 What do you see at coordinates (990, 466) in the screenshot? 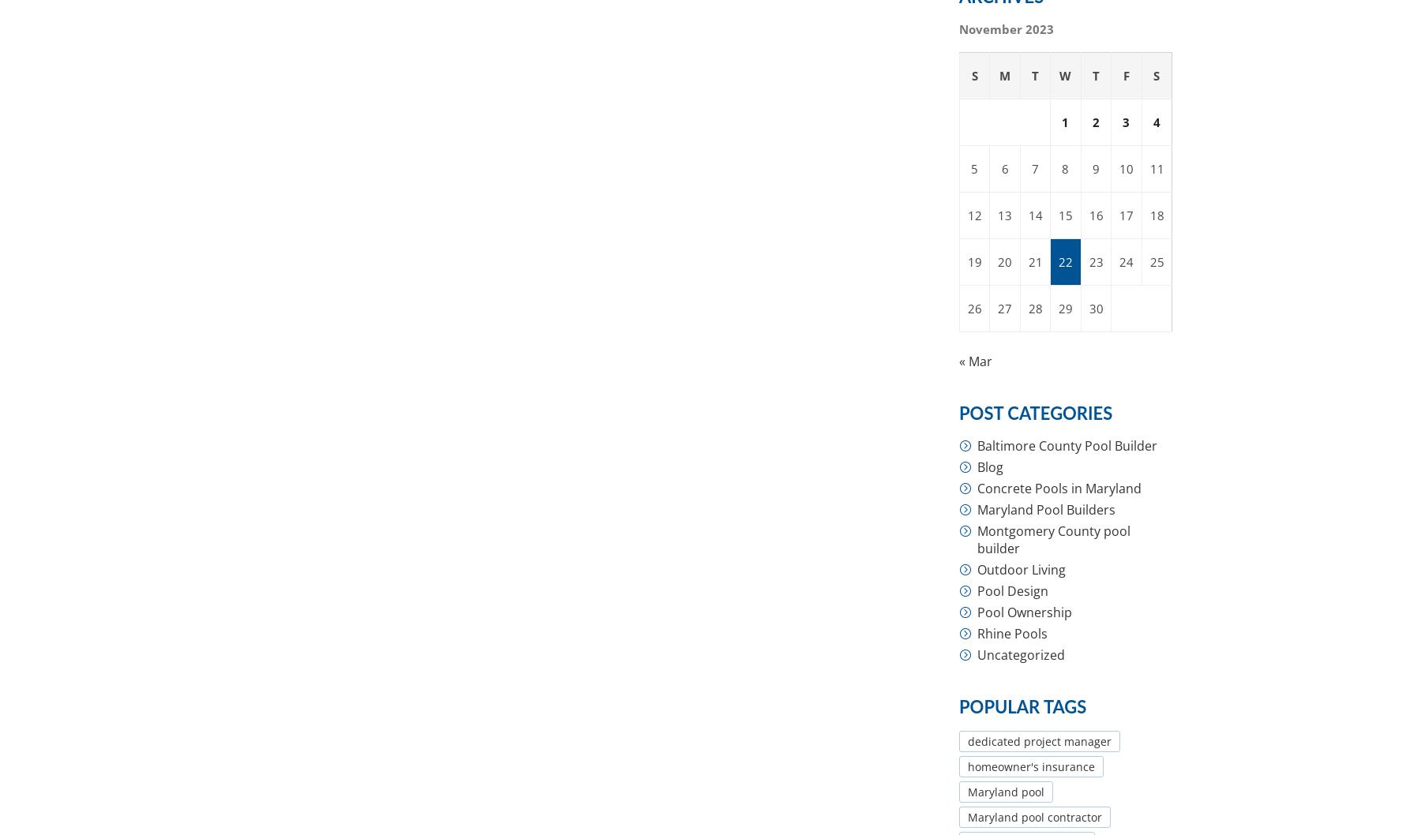
I see `'Blog'` at bounding box center [990, 466].